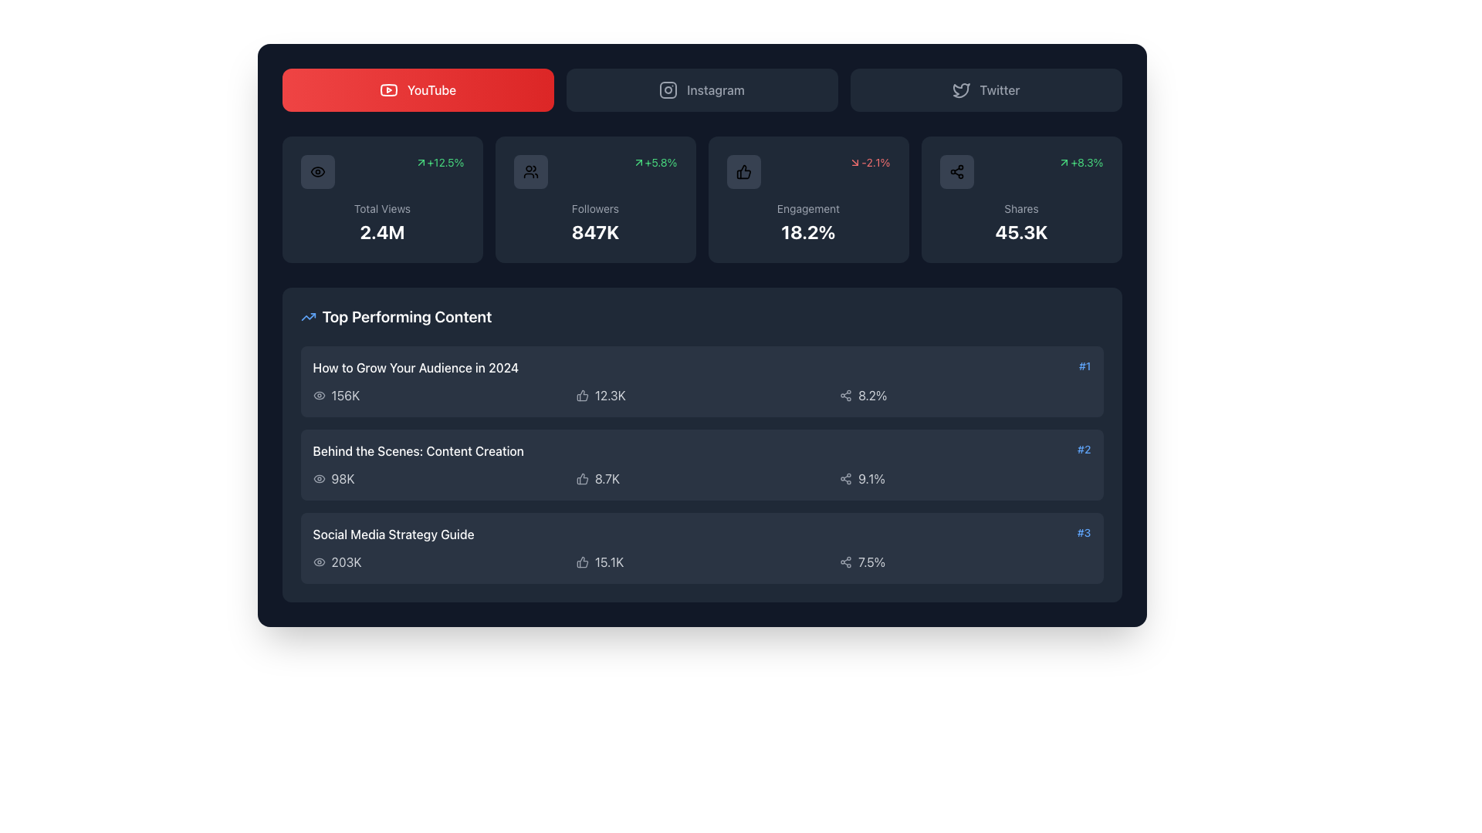  What do you see at coordinates (607, 478) in the screenshot?
I see `contents of the Text label displaying the number of likes for the 'Behind the Scenes: Content Creation' content in the 'Top Performing Content' list, located to the right of the thumbs-up icon` at bounding box center [607, 478].